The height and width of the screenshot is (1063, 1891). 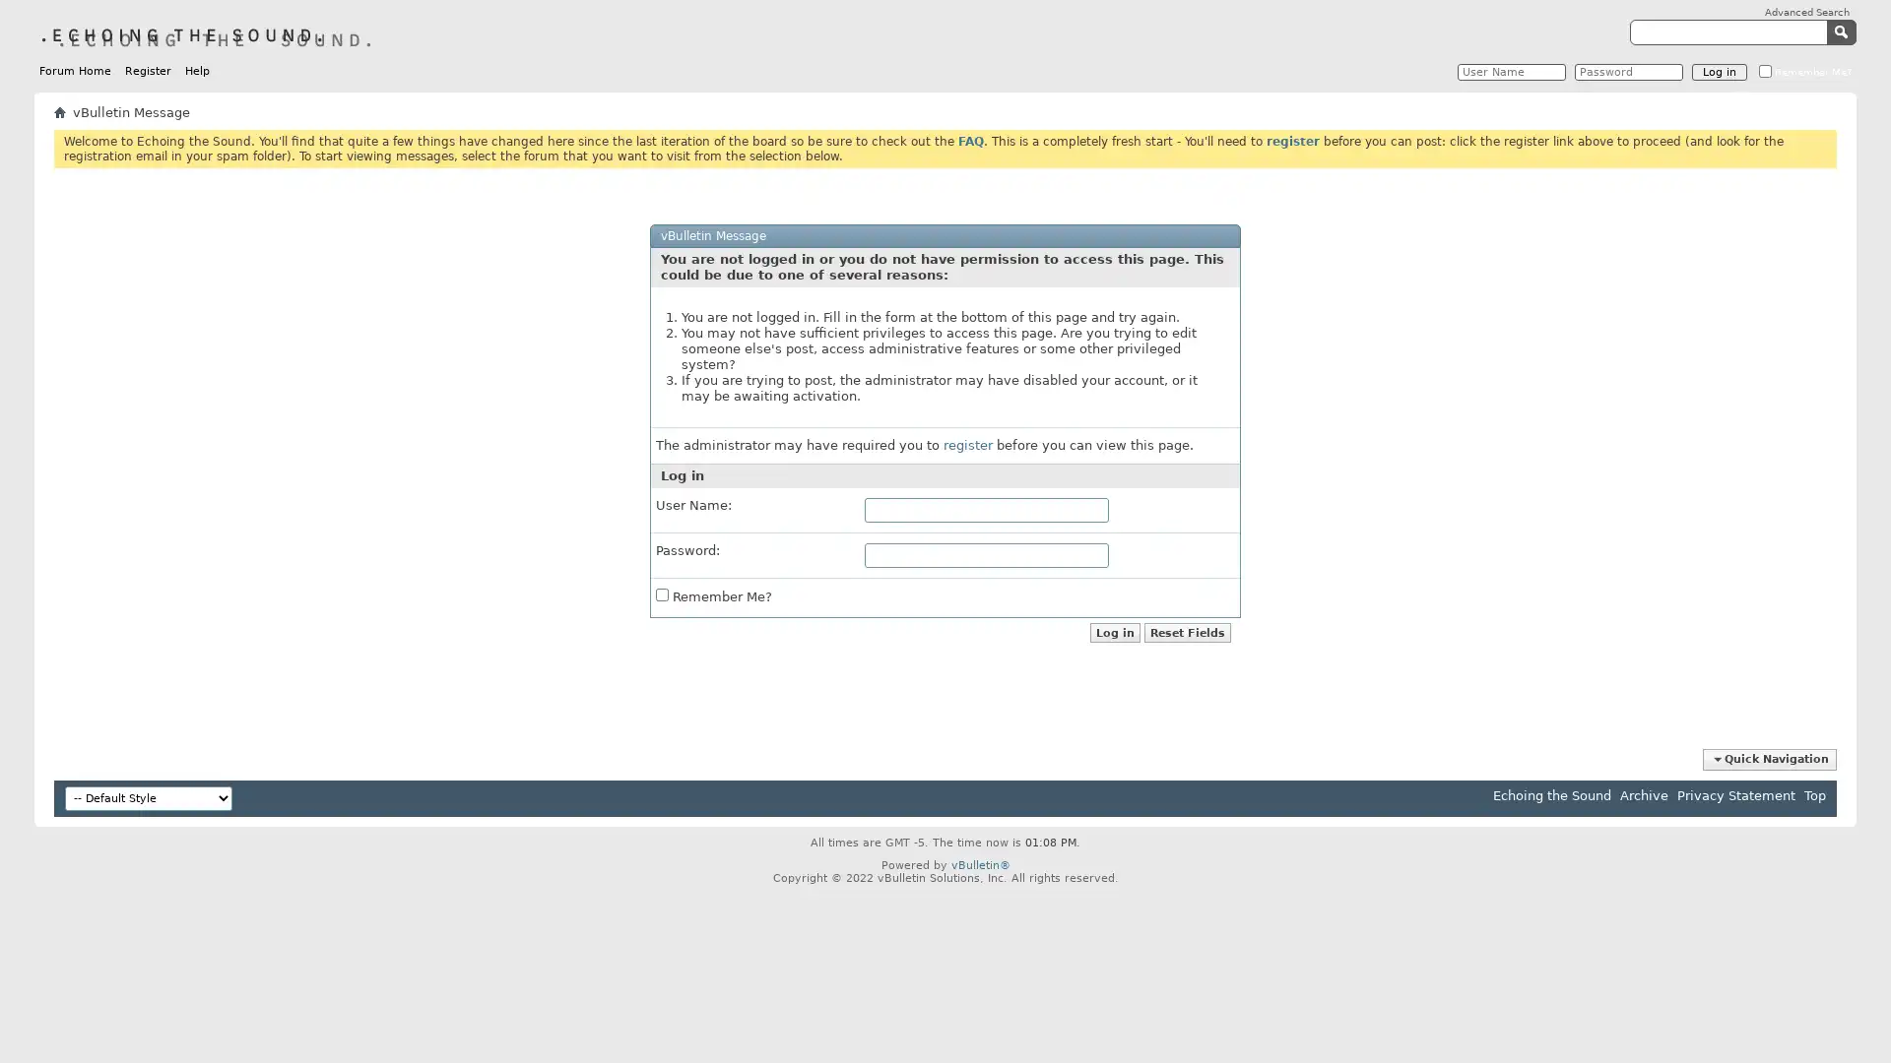 What do you see at coordinates (1843, 31) in the screenshot?
I see `Submit` at bounding box center [1843, 31].